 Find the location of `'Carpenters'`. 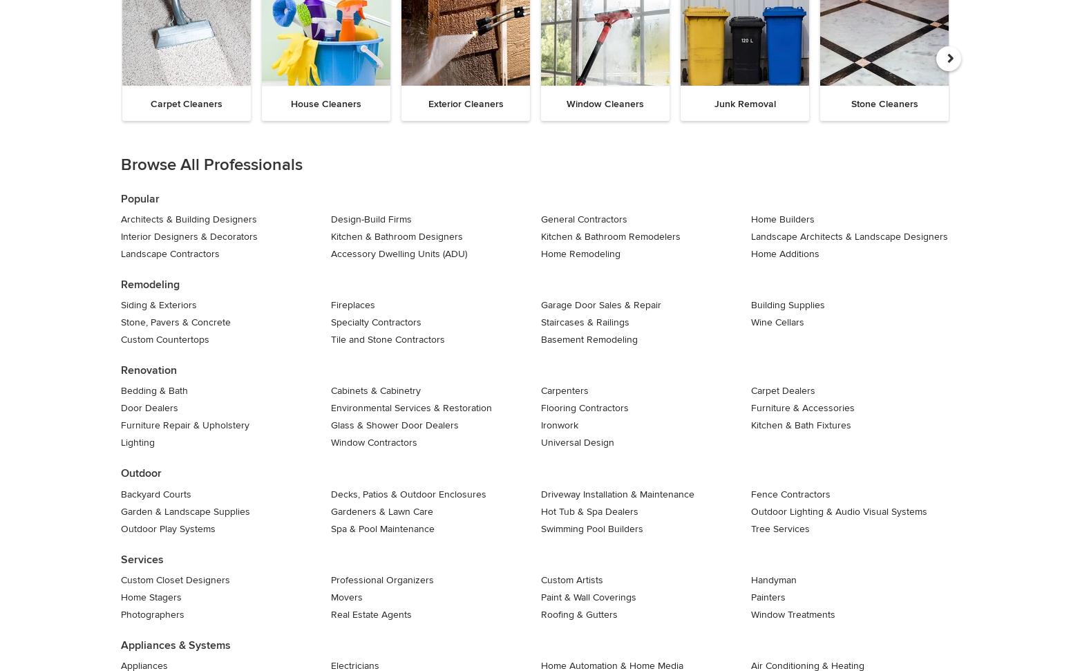

'Carpenters' is located at coordinates (564, 390).